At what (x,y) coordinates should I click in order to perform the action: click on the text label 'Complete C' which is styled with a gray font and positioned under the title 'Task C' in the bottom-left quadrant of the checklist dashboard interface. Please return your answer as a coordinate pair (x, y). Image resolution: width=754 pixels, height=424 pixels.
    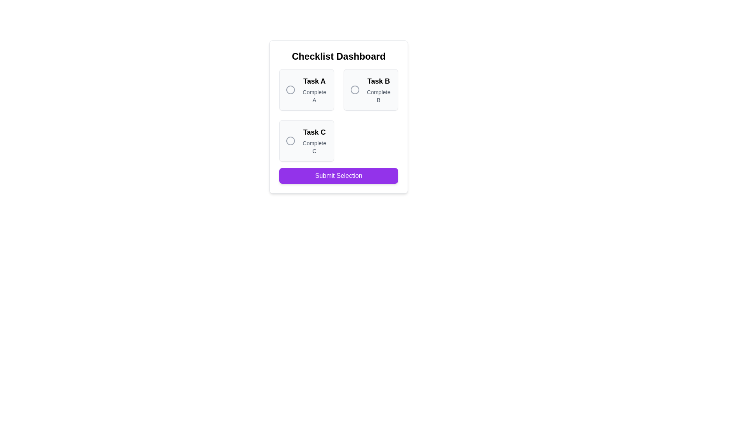
    Looking at the image, I should click on (314, 147).